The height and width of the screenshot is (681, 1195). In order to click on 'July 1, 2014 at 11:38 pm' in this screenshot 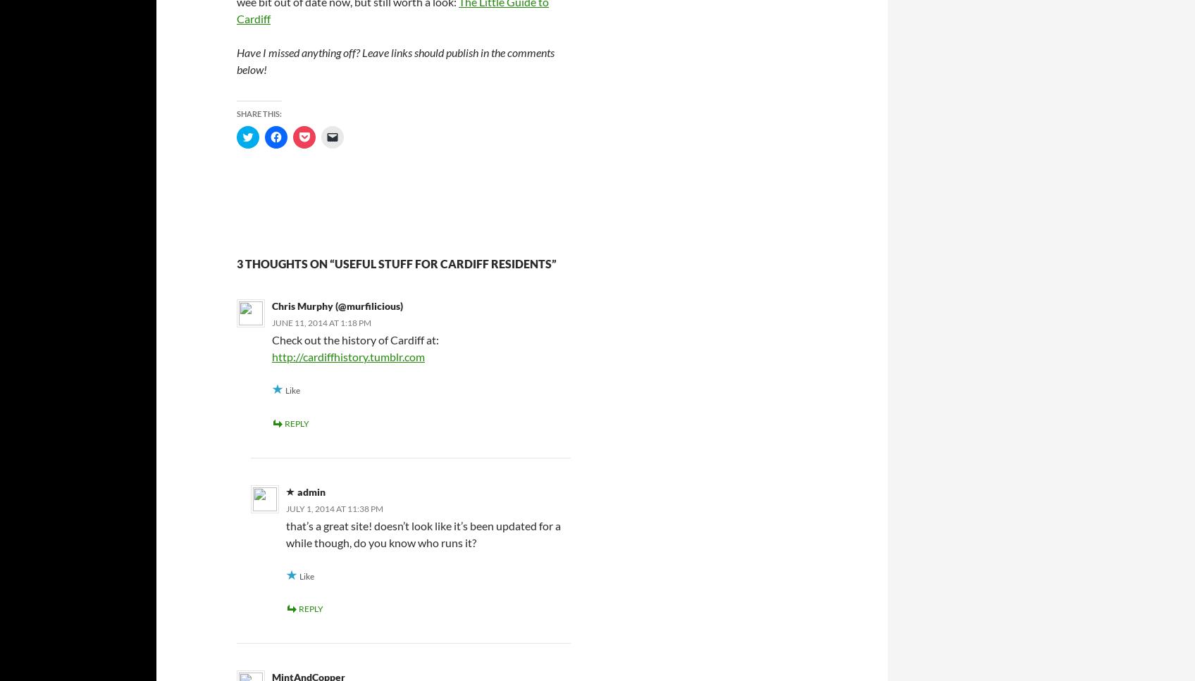, I will do `click(285, 507)`.